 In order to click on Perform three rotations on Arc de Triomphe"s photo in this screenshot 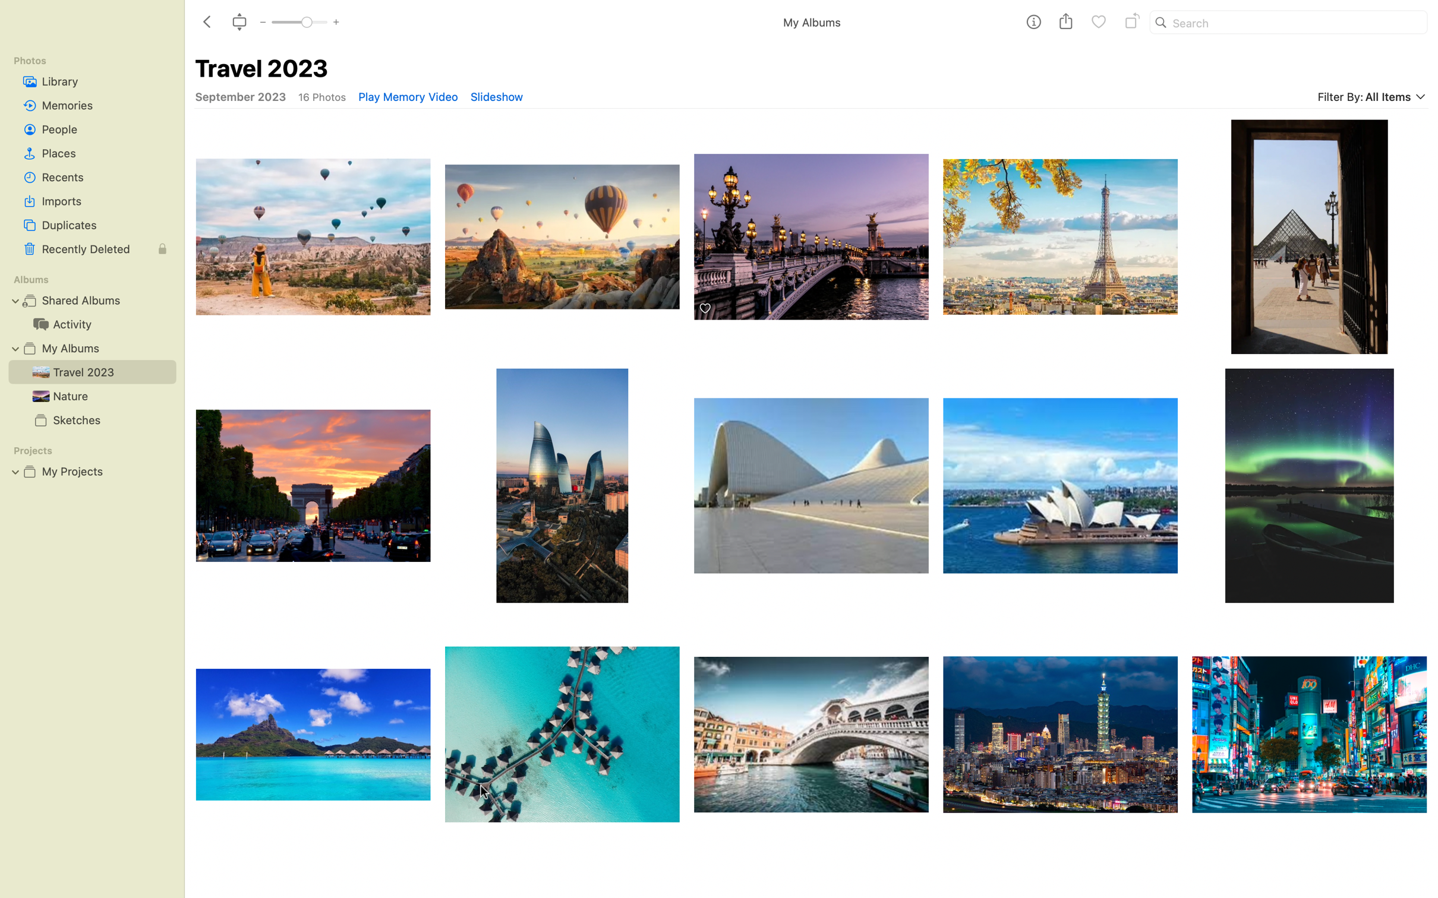, I will do `click(311, 486)`.